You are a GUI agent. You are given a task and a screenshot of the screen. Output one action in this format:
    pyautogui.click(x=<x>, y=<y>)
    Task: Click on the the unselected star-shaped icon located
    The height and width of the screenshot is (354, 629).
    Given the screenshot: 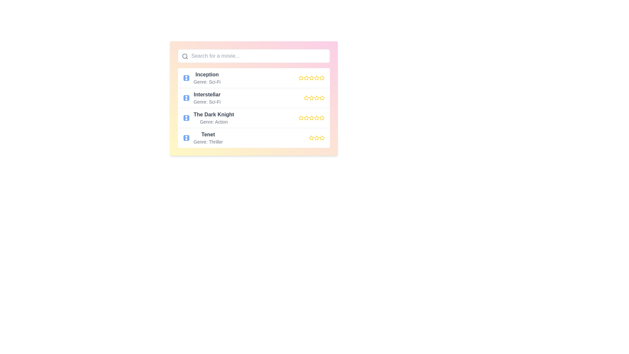 What is the action you would take?
    pyautogui.click(x=311, y=137)
    